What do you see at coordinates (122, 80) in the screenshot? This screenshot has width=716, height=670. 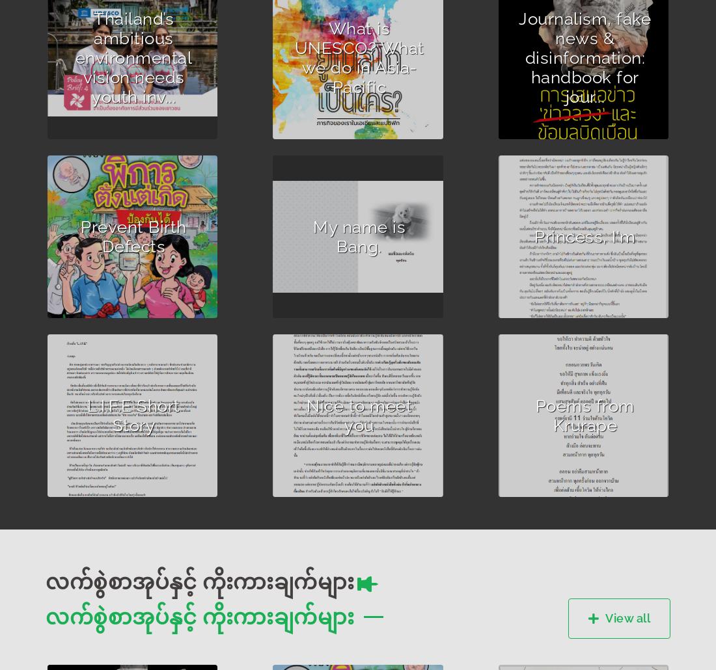 I see `'Summary of research: Thailand’s ambitious environmental vision needs youth in...'` at bounding box center [122, 80].